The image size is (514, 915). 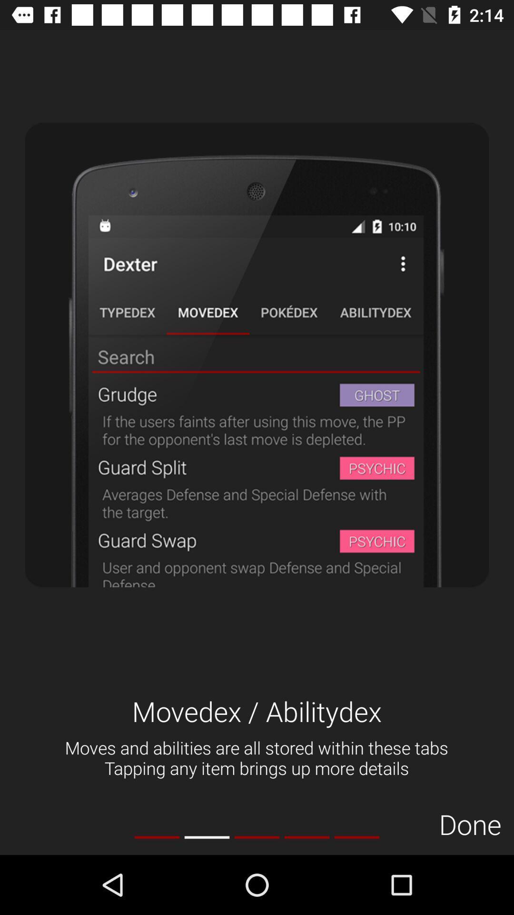 What do you see at coordinates (470, 823) in the screenshot?
I see `done app` at bounding box center [470, 823].